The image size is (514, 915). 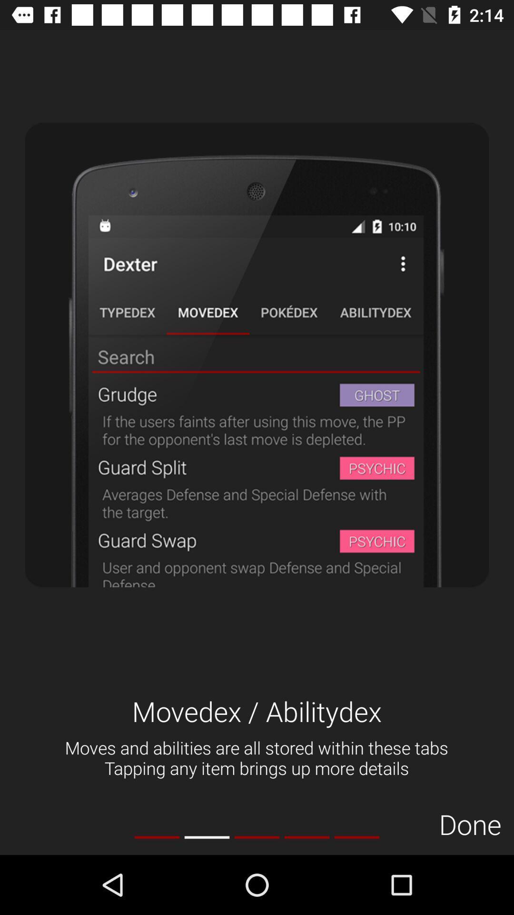 What do you see at coordinates (470, 823) in the screenshot?
I see `done app` at bounding box center [470, 823].